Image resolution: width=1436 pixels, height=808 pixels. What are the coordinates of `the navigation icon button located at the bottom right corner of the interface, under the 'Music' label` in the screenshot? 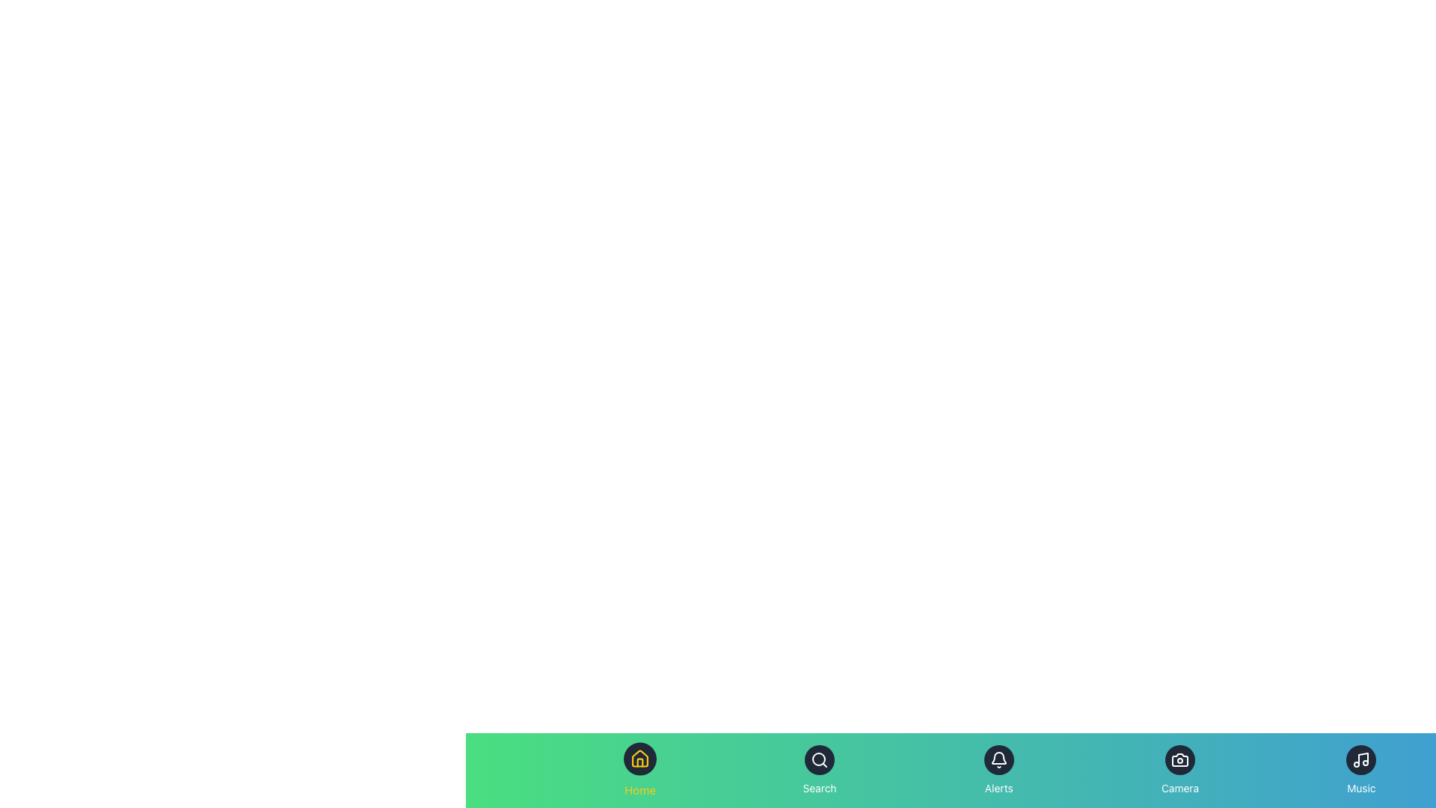 It's located at (1361, 759).